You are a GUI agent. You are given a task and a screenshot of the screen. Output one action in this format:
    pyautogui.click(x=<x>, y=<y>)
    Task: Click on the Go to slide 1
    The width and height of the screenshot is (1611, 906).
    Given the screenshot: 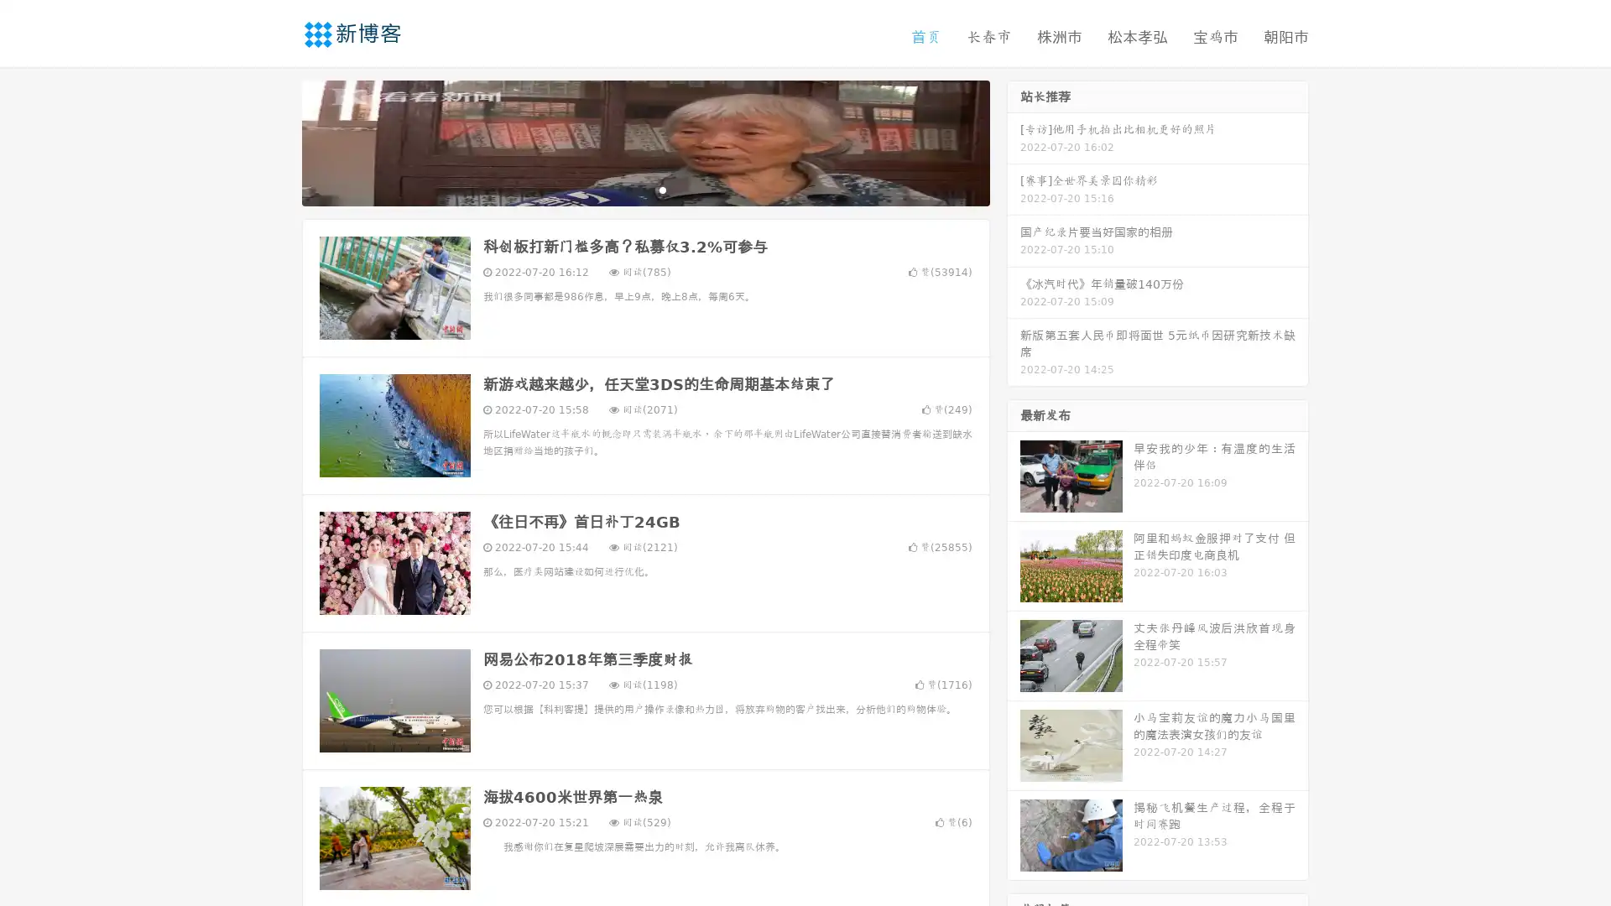 What is the action you would take?
    pyautogui.click(x=628, y=189)
    